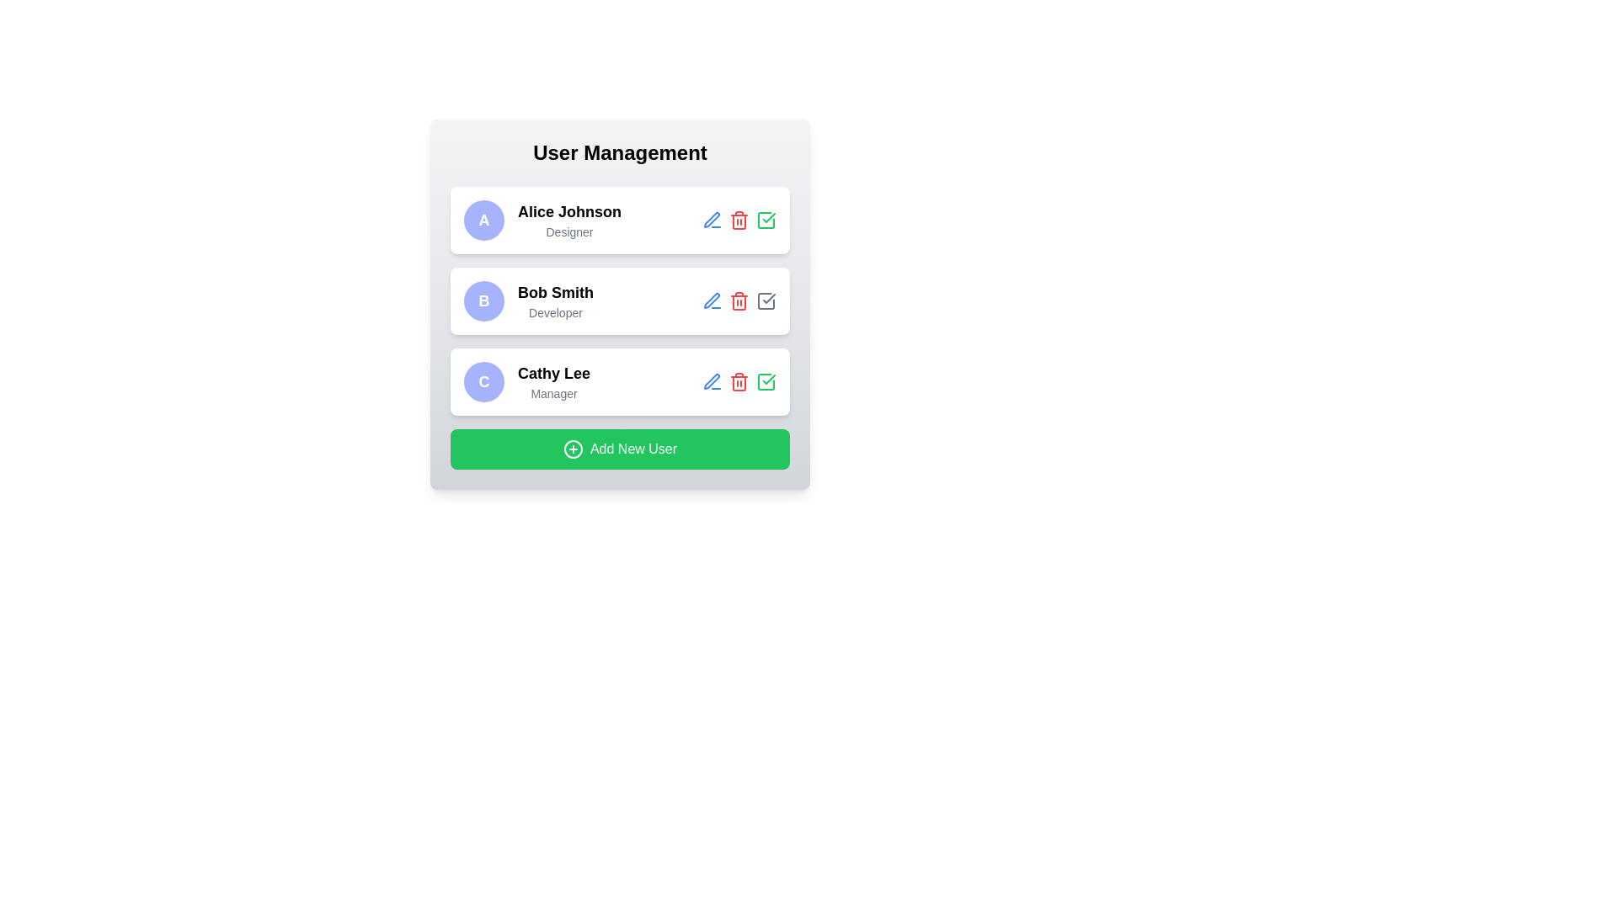 The height and width of the screenshot is (909, 1617). What do you see at coordinates (768, 380) in the screenshot?
I see `the green checkmark icon button in the user management interface to confirm the user row for Cathy Lee` at bounding box center [768, 380].